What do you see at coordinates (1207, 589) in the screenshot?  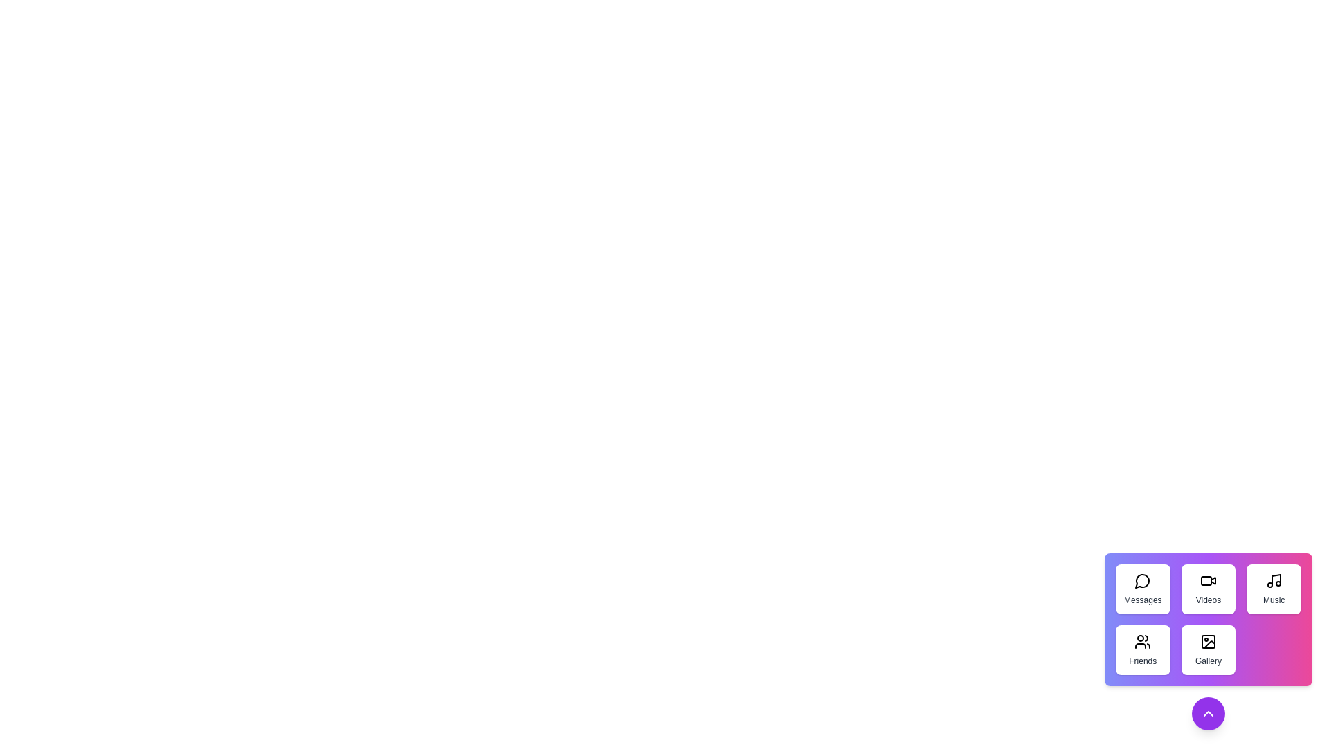 I see `the 'Videos' button` at bounding box center [1207, 589].